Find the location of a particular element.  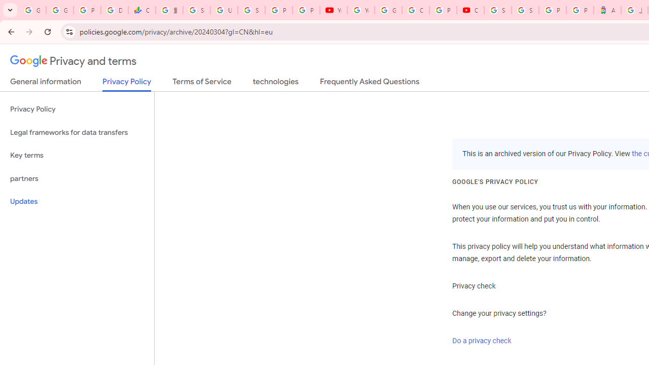

'Key terms' is located at coordinates (77, 155).